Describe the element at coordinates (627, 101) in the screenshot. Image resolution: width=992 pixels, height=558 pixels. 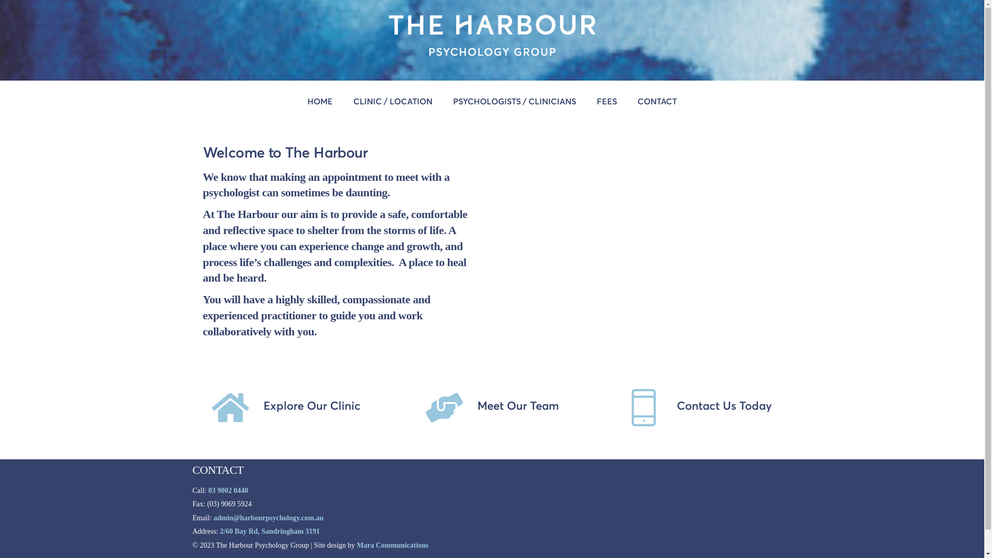
I see `'CONTACT'` at that location.